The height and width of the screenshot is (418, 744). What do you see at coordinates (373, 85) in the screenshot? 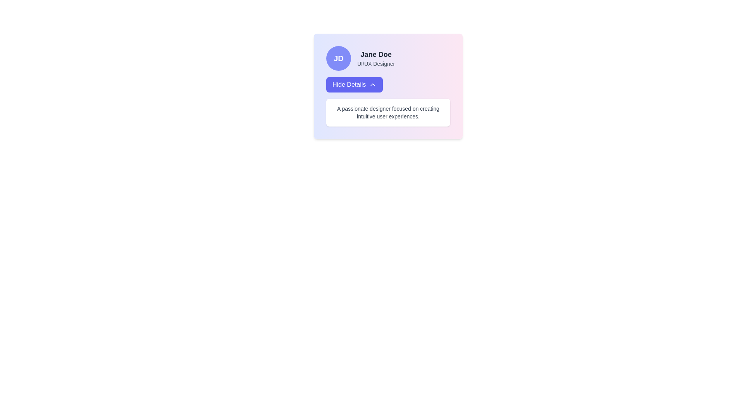
I see `the Chevron Arrow icon located within the 'Hide Details' button, which indicates a collapse action` at bounding box center [373, 85].